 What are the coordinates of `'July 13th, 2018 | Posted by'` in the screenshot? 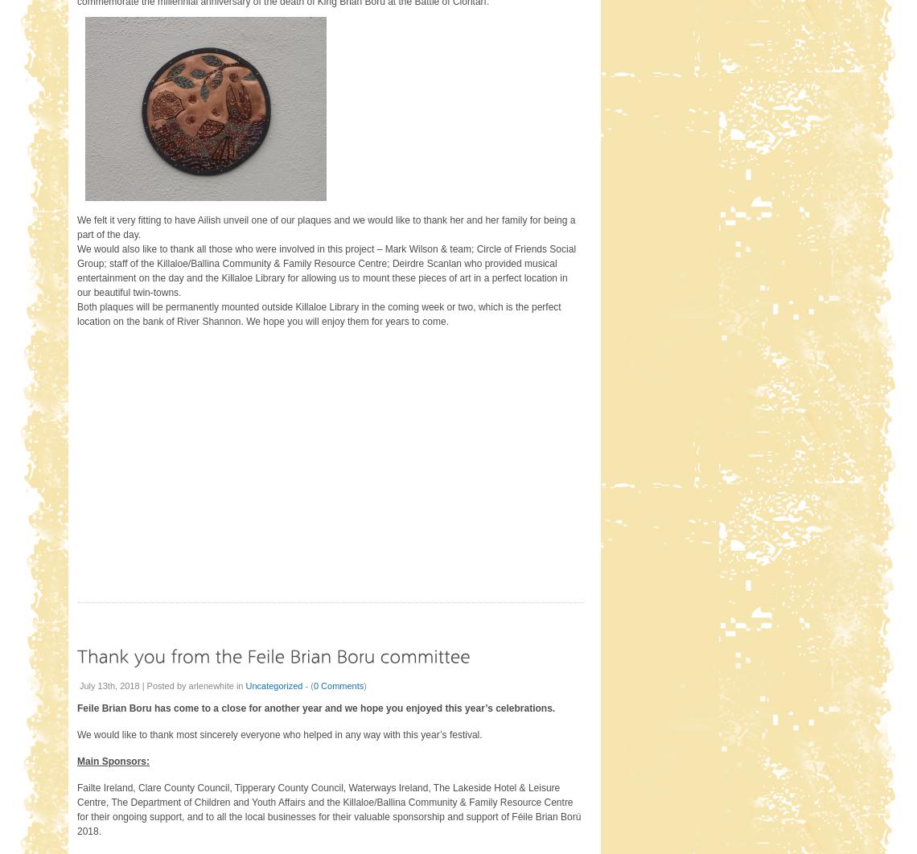 It's located at (78, 684).